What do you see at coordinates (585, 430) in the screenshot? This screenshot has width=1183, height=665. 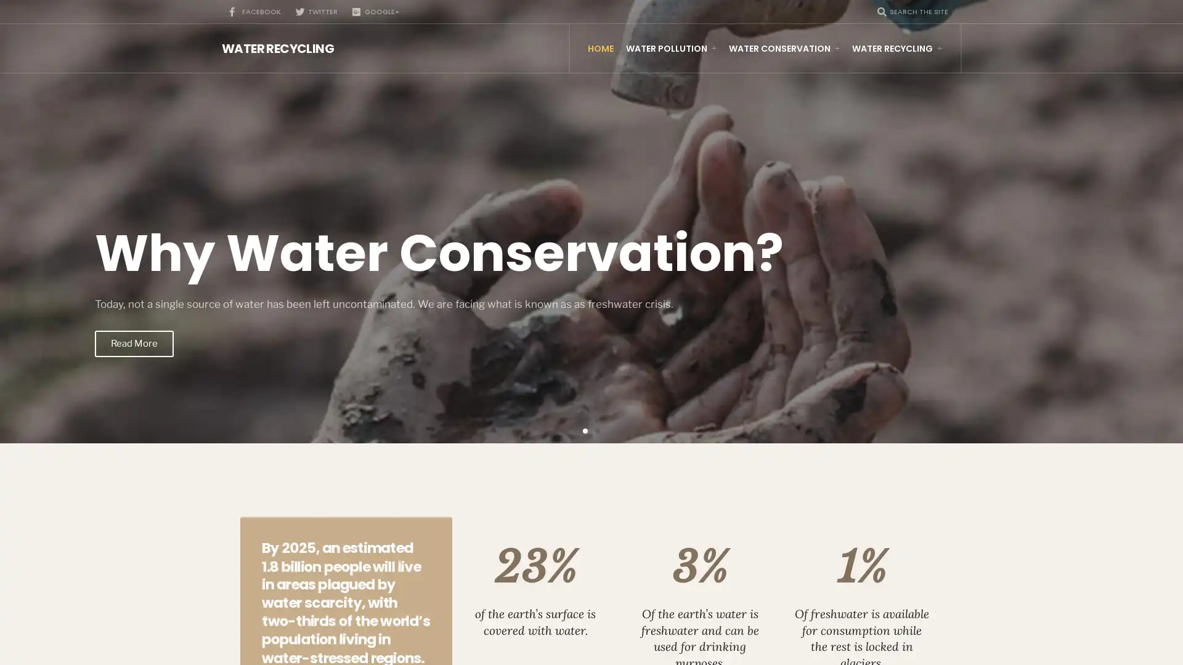 I see `Go to slide 1` at bounding box center [585, 430].